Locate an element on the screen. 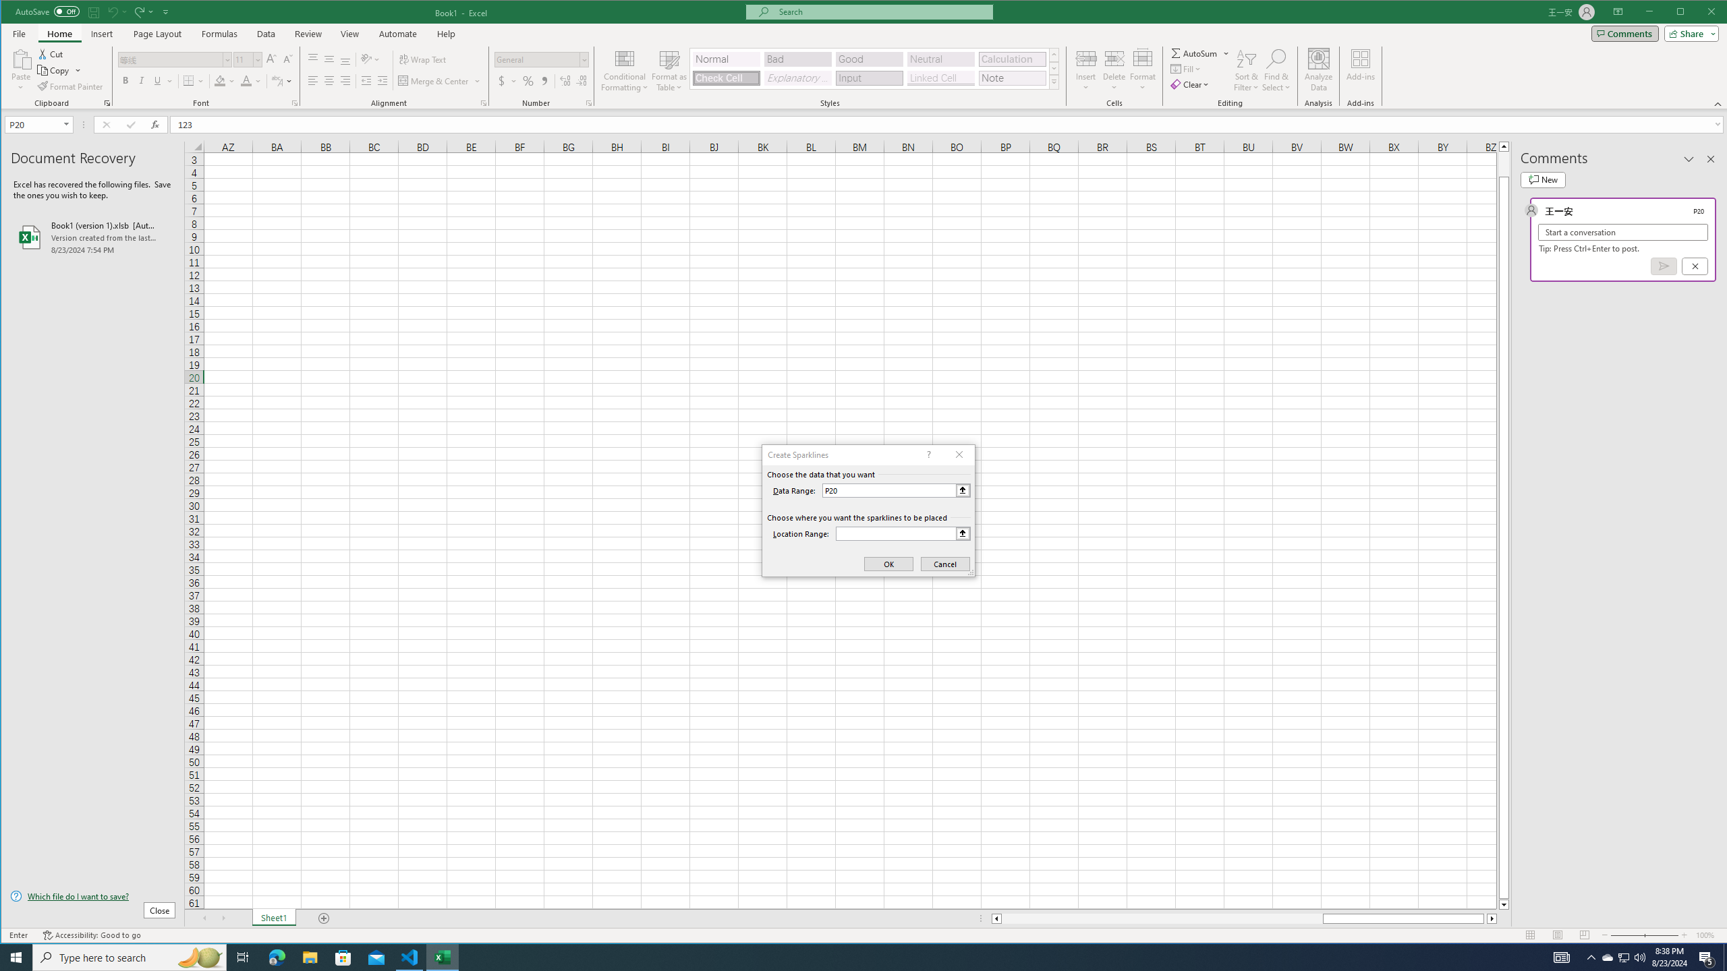  'Increase Indent' is located at coordinates (382, 80).